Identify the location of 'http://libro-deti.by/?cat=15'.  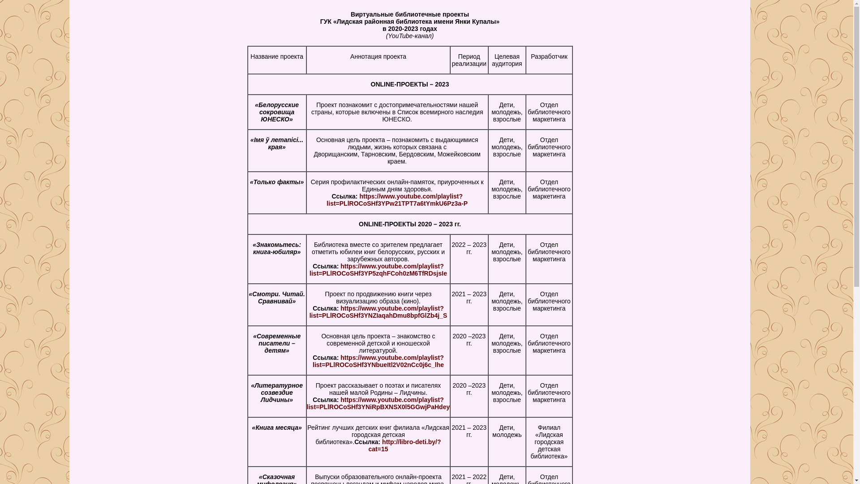
(404, 445).